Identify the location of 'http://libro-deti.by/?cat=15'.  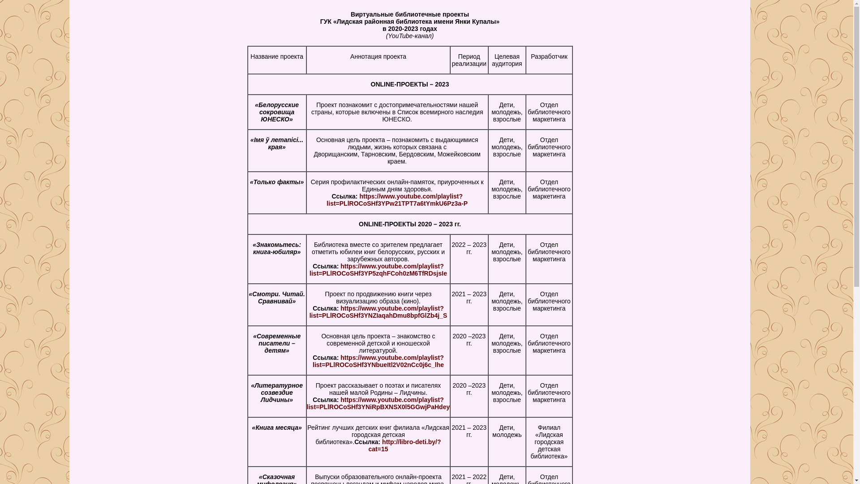
(404, 445).